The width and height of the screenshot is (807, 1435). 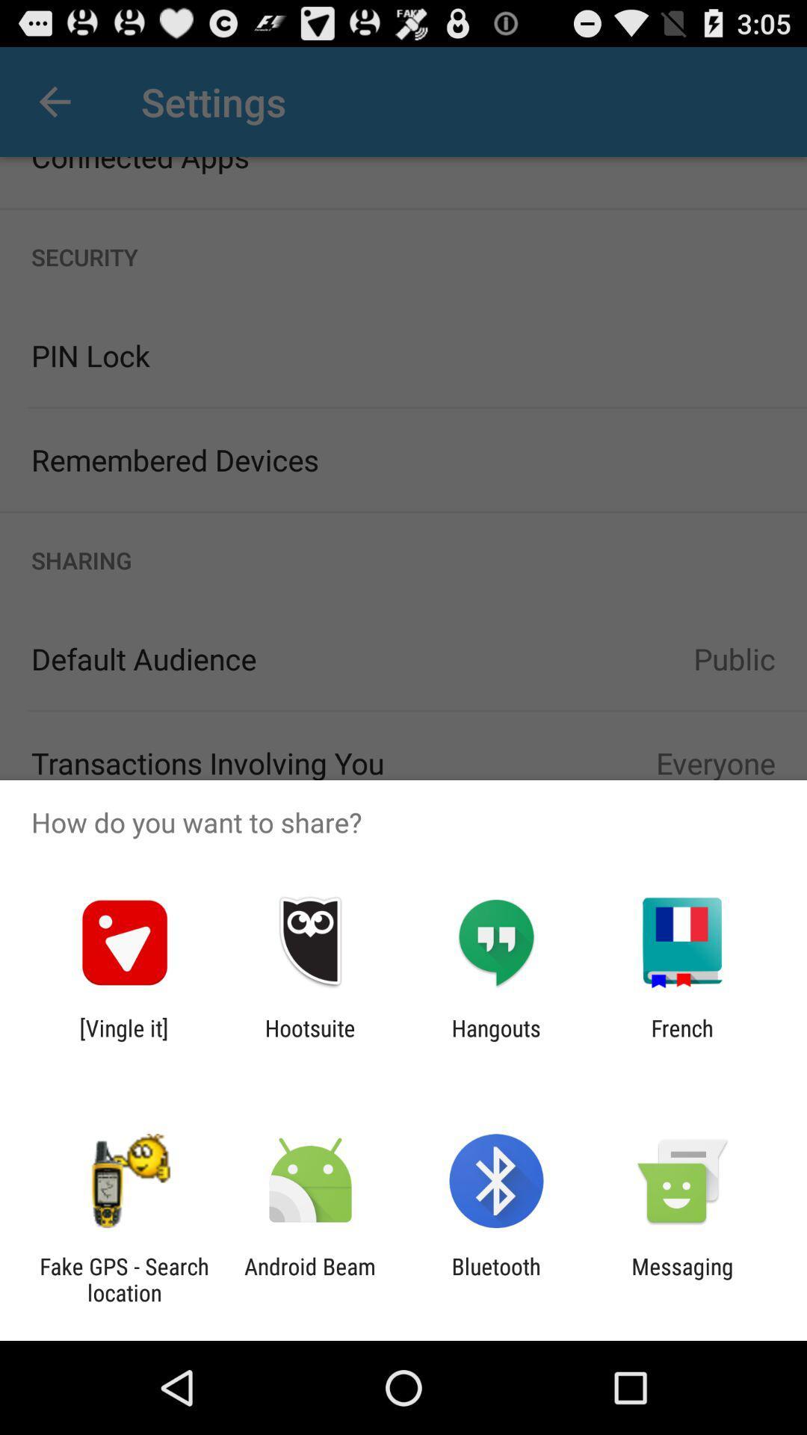 What do you see at coordinates (309, 1040) in the screenshot?
I see `the hootsuite` at bounding box center [309, 1040].